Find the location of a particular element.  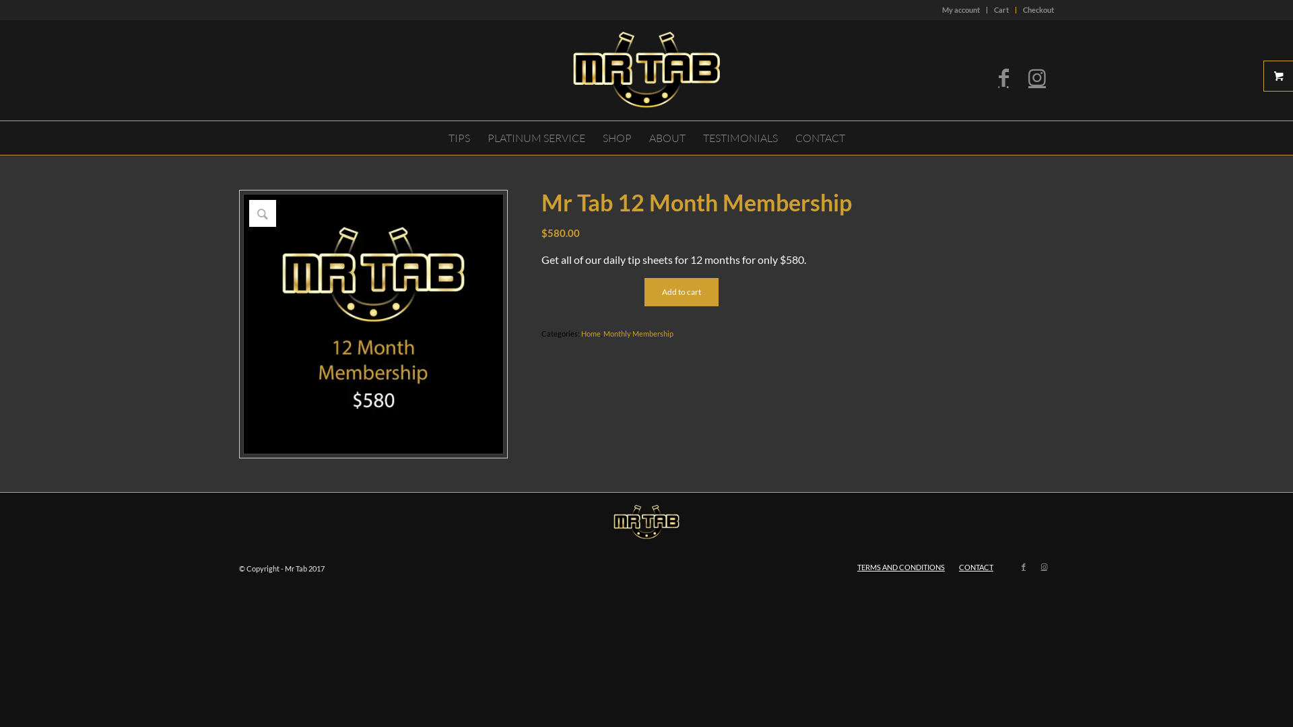

'My account' is located at coordinates (960, 9).